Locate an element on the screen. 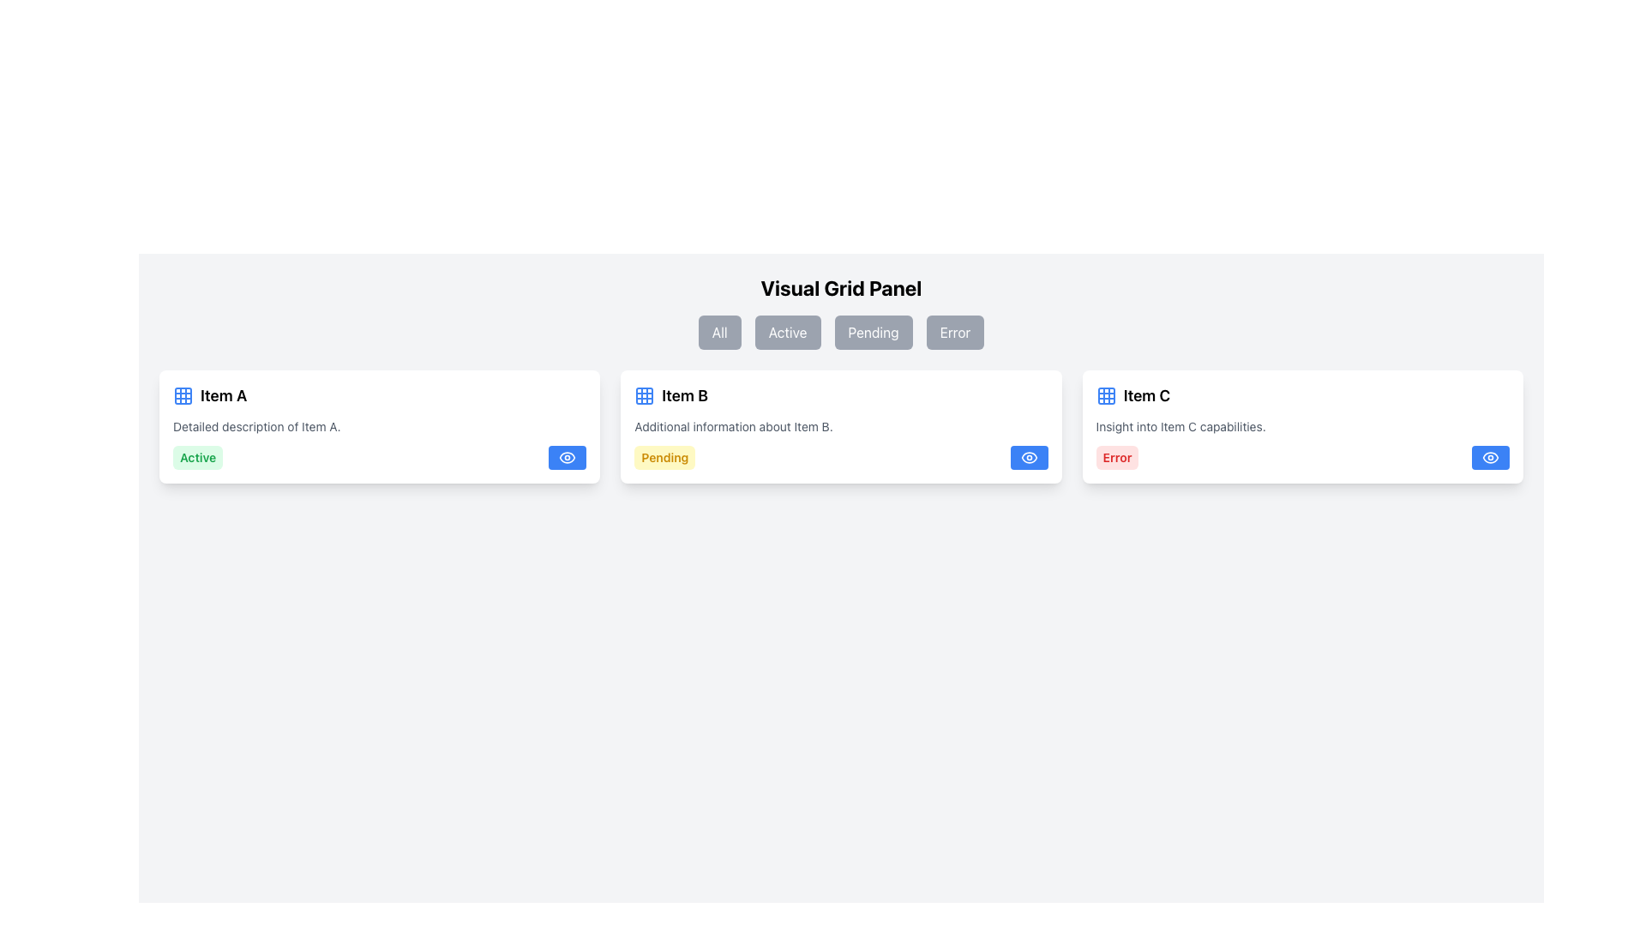 This screenshot has height=926, width=1646. the blue button with a rounded rectangle design and an eye-shaped icon, located in the bottom-right corner of the card labeled 'Item B' within the 'Pending' status group is located at coordinates (1029, 456).